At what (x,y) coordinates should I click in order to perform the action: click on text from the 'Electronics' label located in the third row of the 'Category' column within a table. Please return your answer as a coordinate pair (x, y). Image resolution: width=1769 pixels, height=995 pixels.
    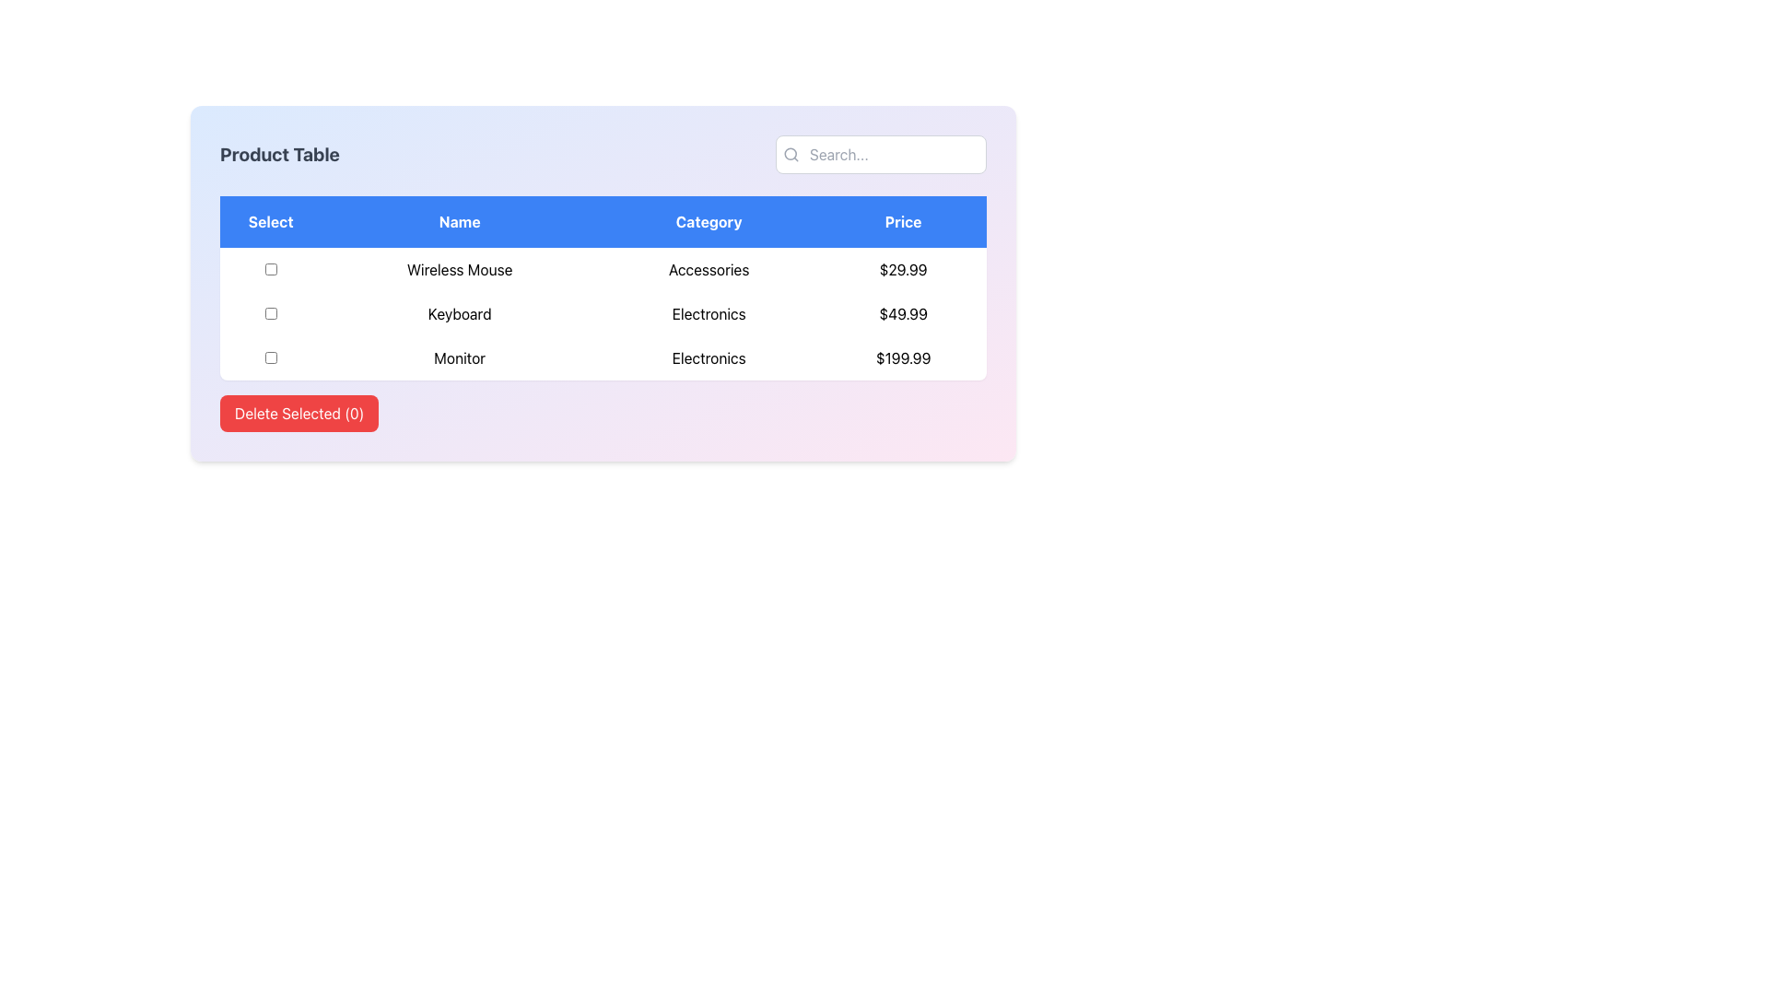
    Looking at the image, I should click on (708, 358).